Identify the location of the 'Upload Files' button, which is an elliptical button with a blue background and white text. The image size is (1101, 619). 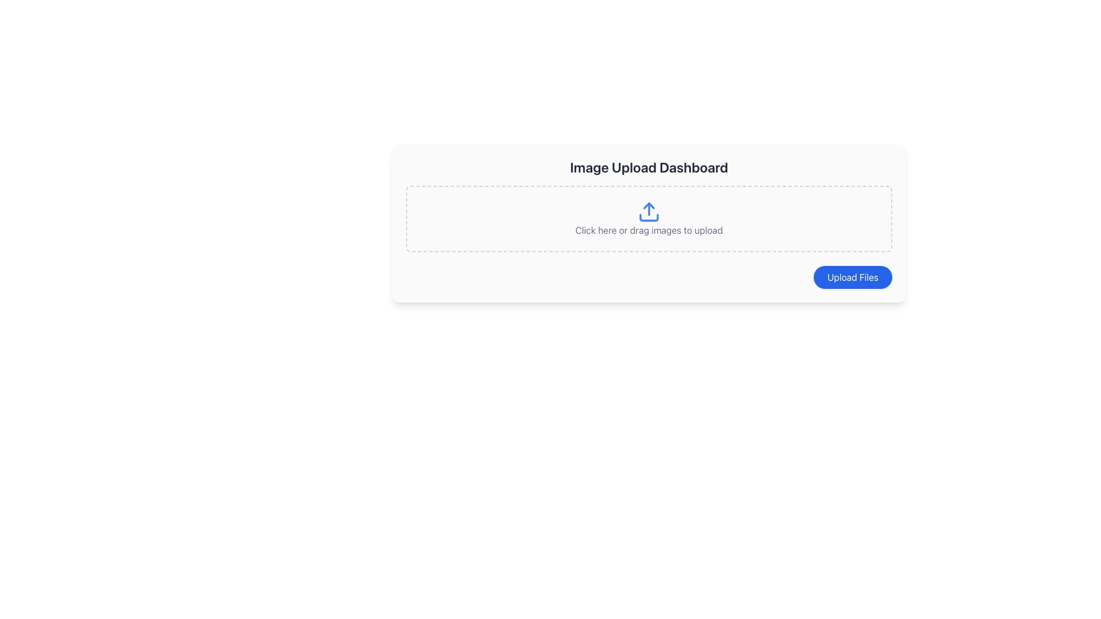
(853, 277).